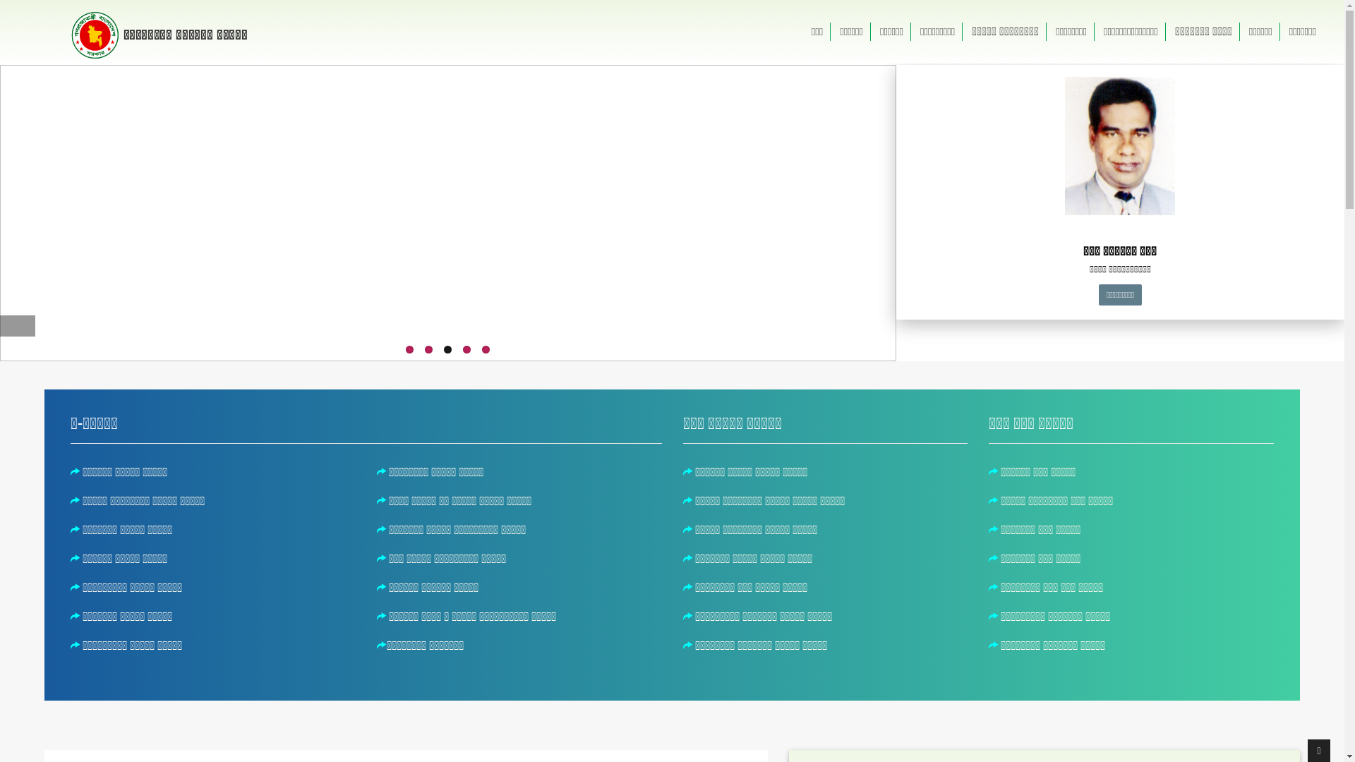 The width and height of the screenshot is (1355, 762). I want to click on '5', so click(486, 349).